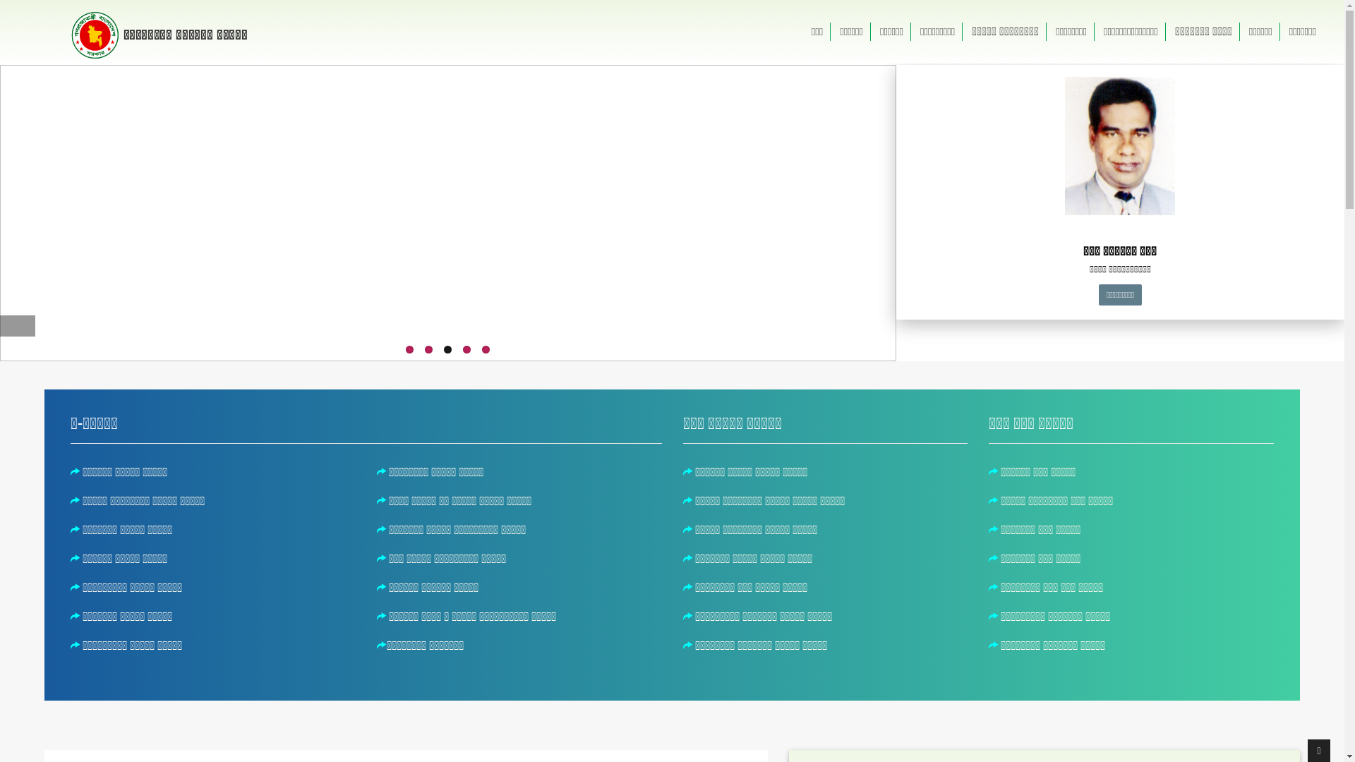 The width and height of the screenshot is (1355, 762). I want to click on '5', so click(486, 349).